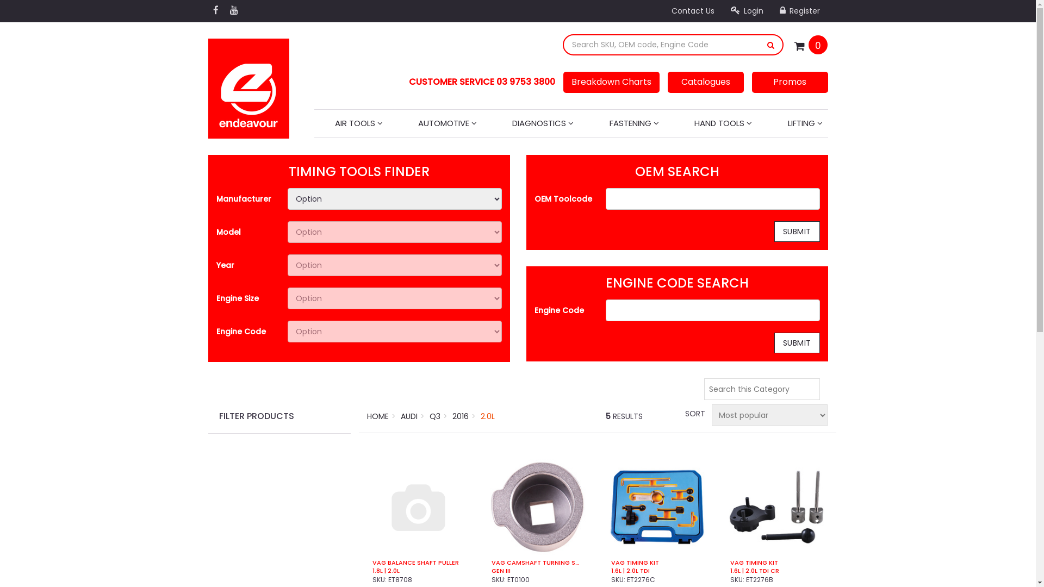 The width and height of the screenshot is (1044, 587). Describe the element at coordinates (723, 123) in the screenshot. I see `'HAND TOOLS'` at that location.